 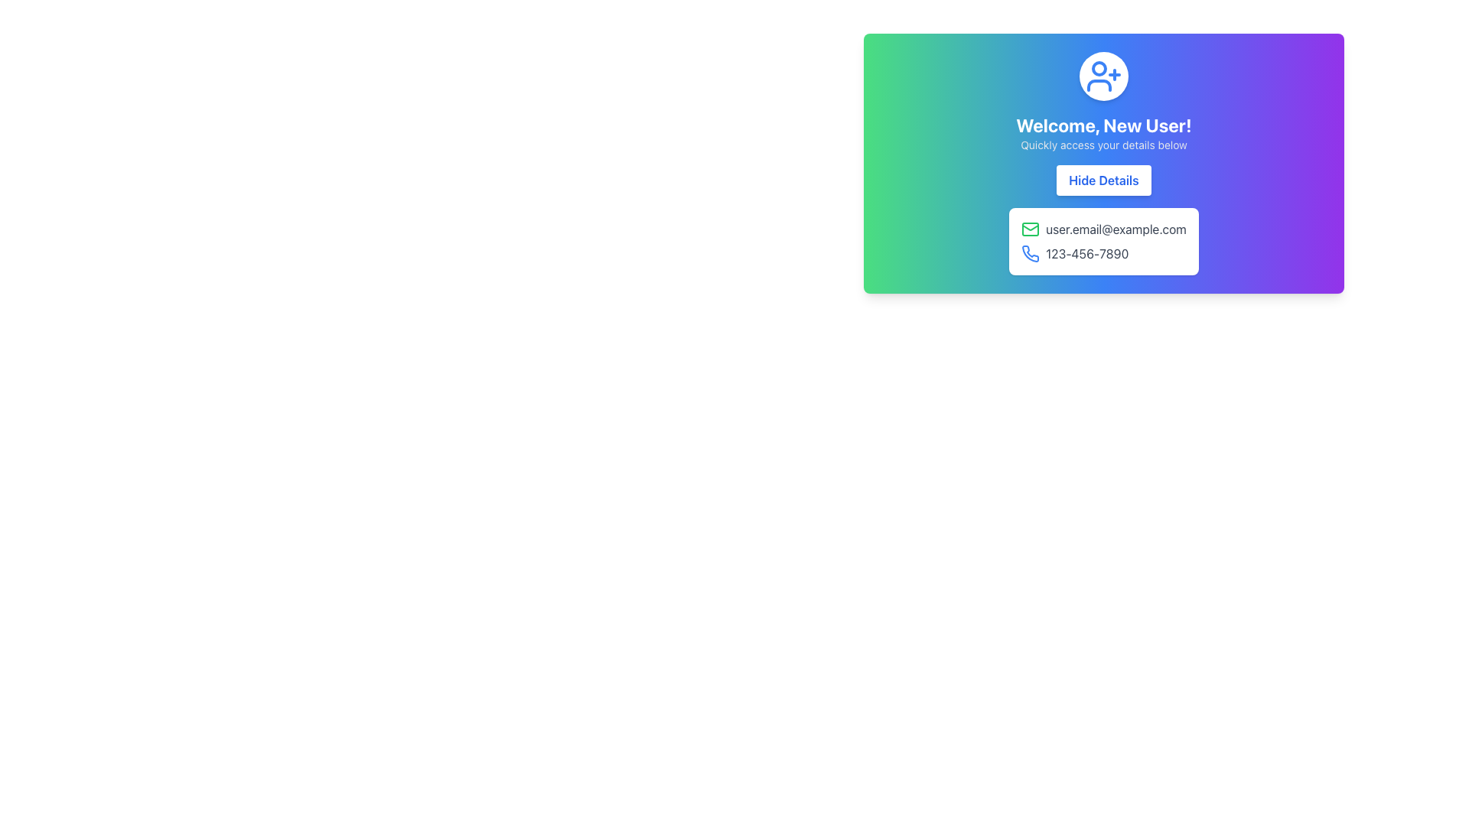 What do you see at coordinates (1104, 145) in the screenshot?
I see `the second static text element located beneath the header 'Welcome, New User!' and above the 'Hide Details' button` at bounding box center [1104, 145].